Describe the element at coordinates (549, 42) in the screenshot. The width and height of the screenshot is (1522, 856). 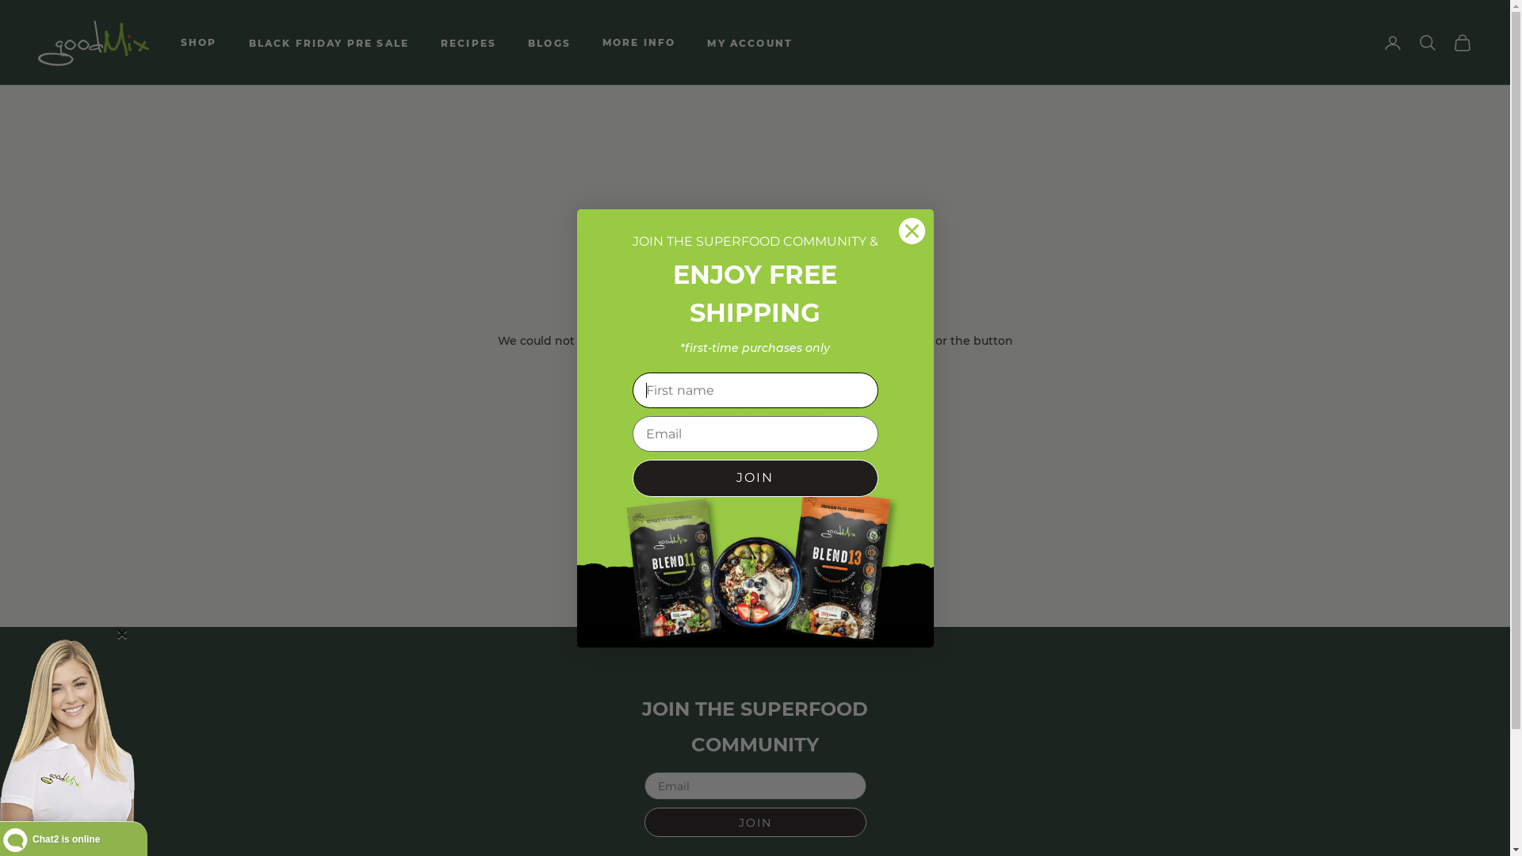
I see `'BLOGS'` at that location.